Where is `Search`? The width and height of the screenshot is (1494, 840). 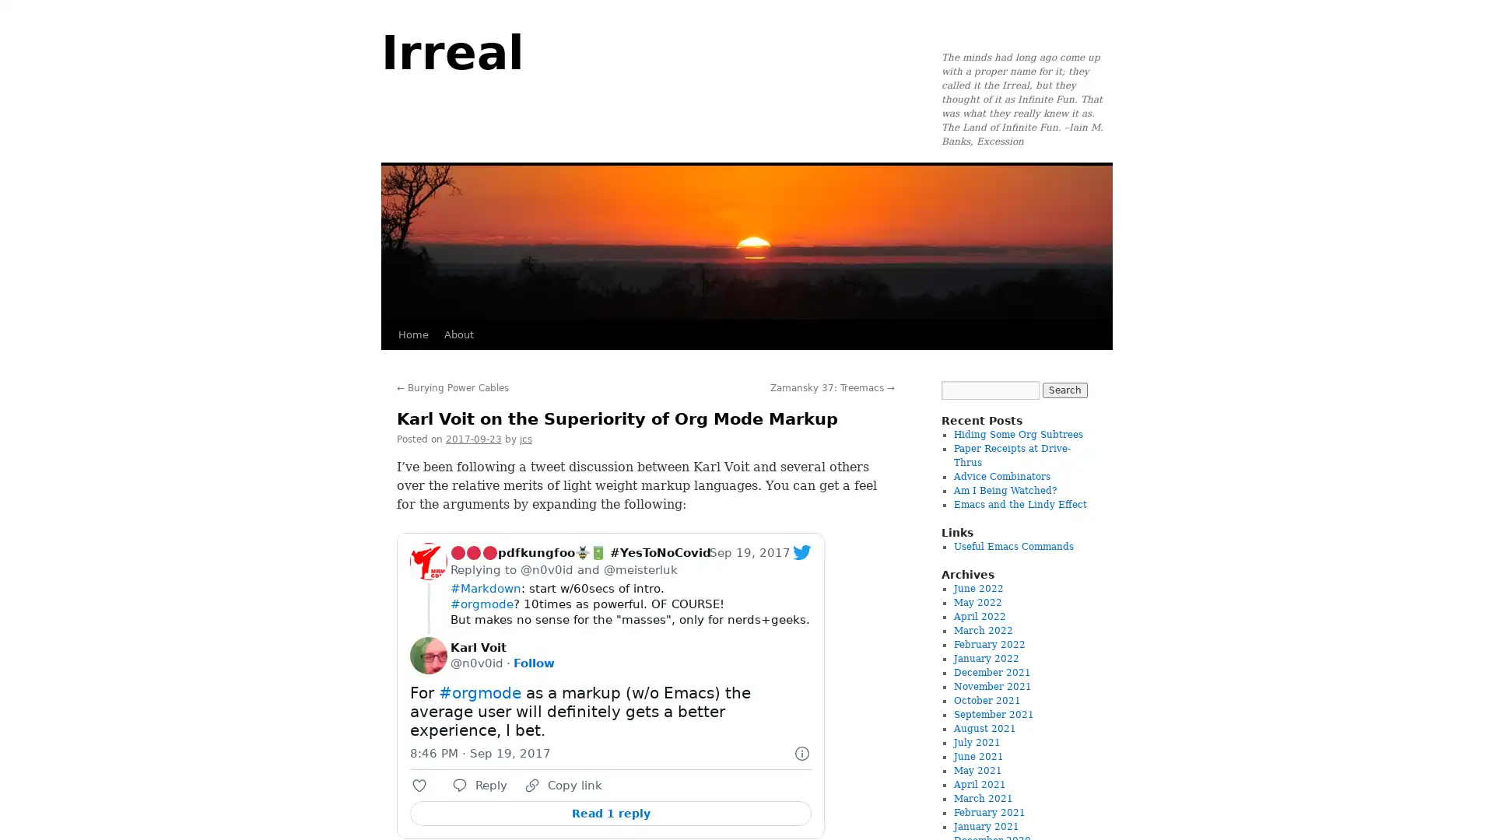 Search is located at coordinates (1064, 389).